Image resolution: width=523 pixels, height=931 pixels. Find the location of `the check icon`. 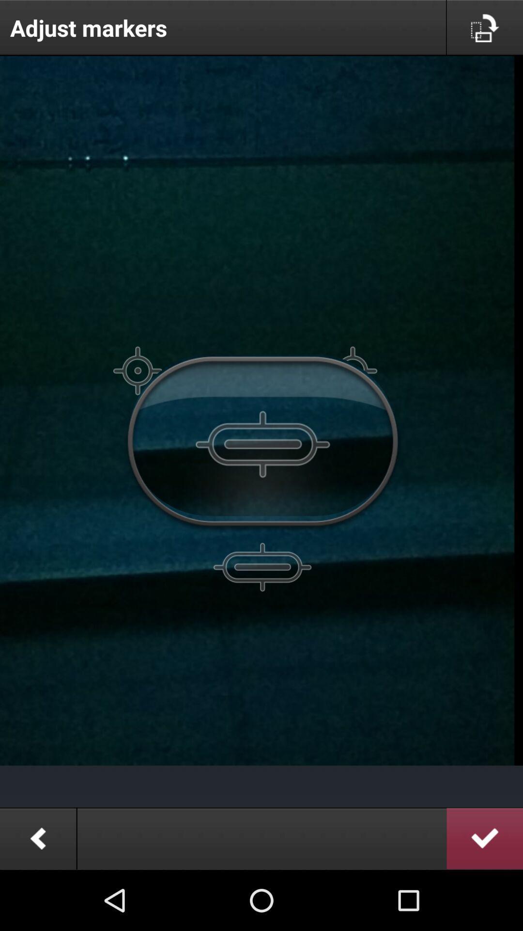

the check icon is located at coordinates (485, 897).